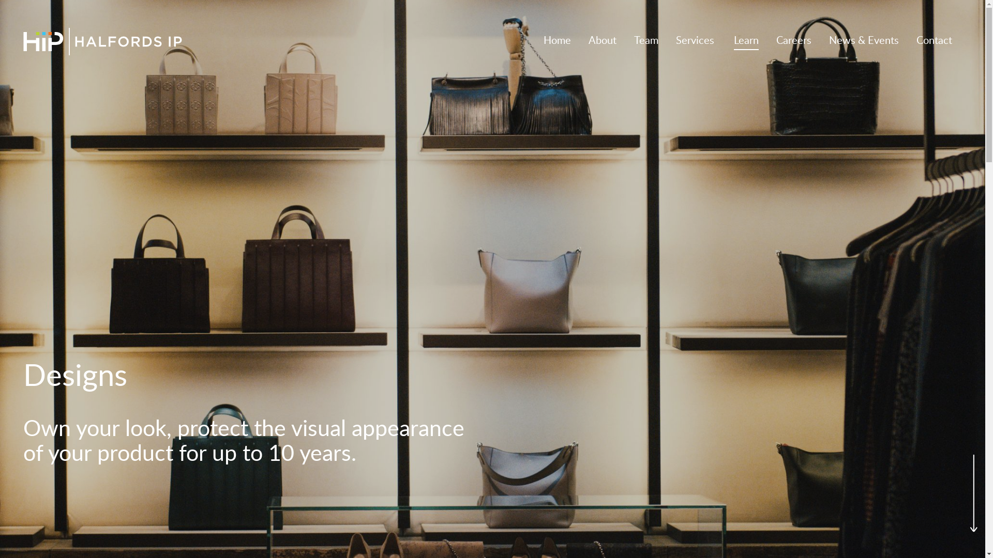  Describe the element at coordinates (733, 41) in the screenshot. I see `'Learn'` at that location.